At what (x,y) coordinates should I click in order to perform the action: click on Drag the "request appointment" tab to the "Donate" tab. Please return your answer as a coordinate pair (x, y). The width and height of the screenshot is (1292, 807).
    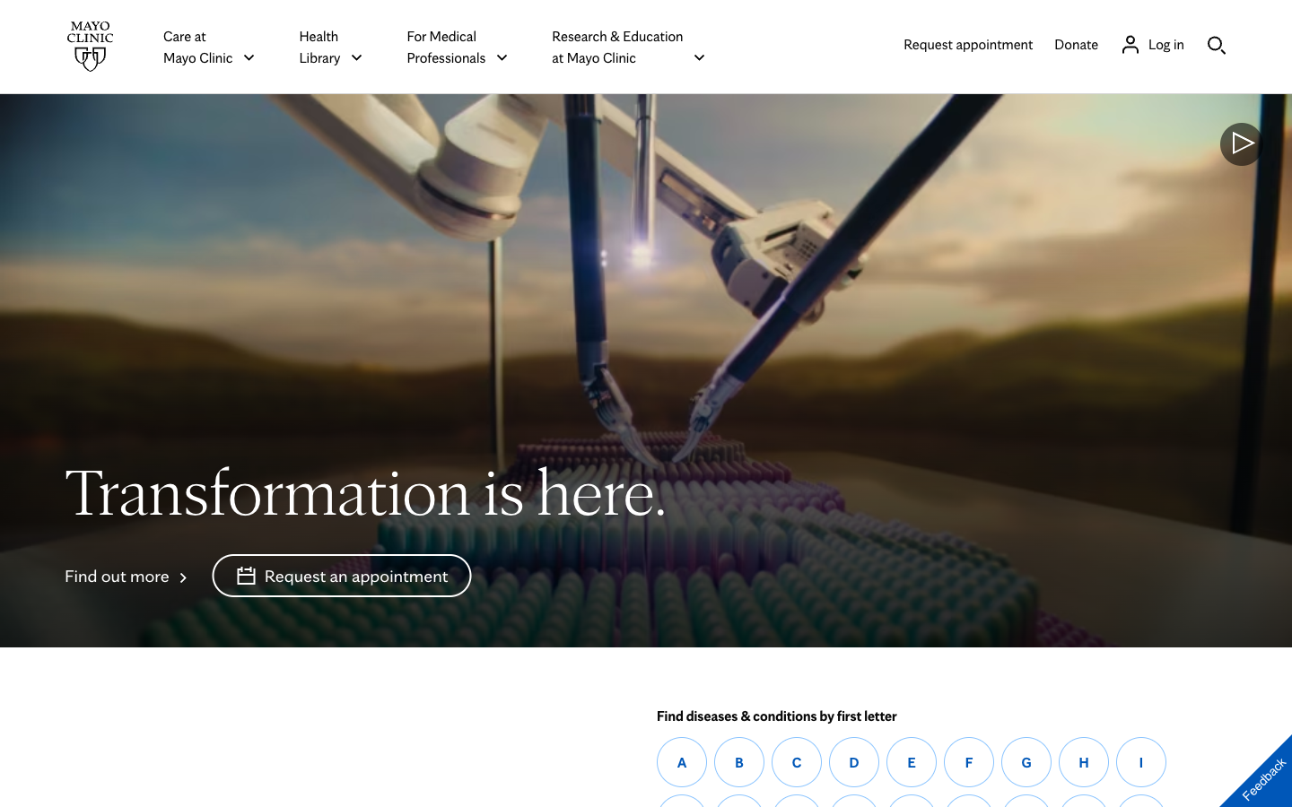
    Looking at the image, I should click on (1394068, 39543).